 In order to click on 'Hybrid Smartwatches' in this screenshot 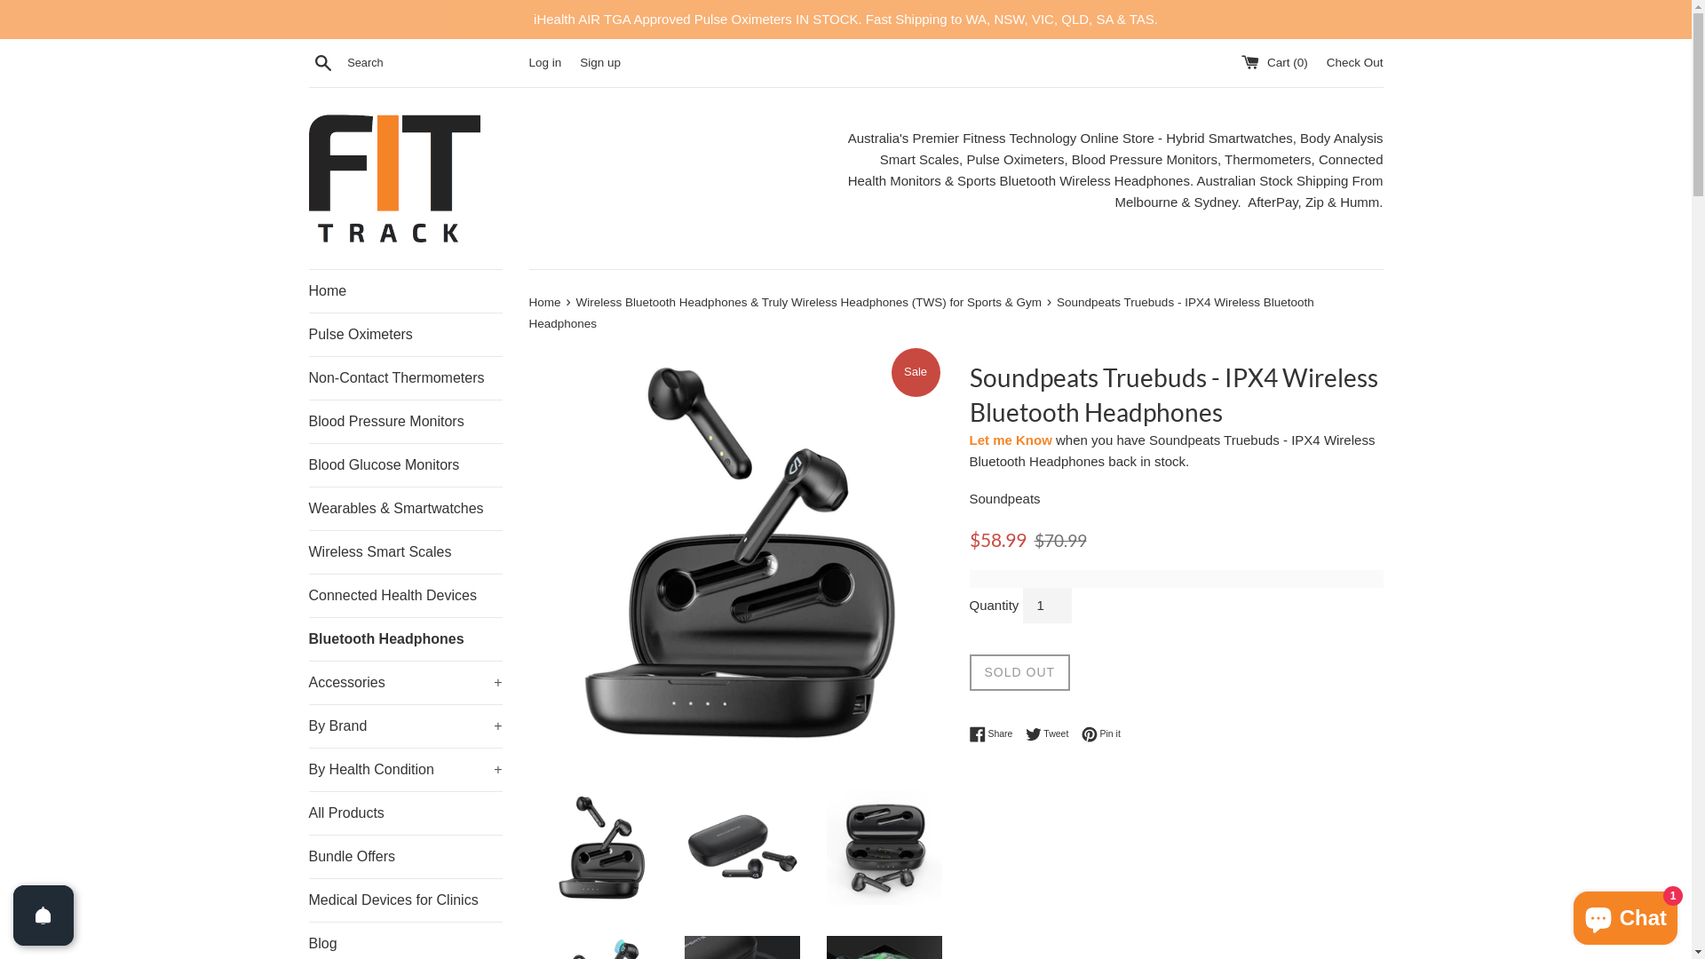, I will do `click(1228, 138)`.